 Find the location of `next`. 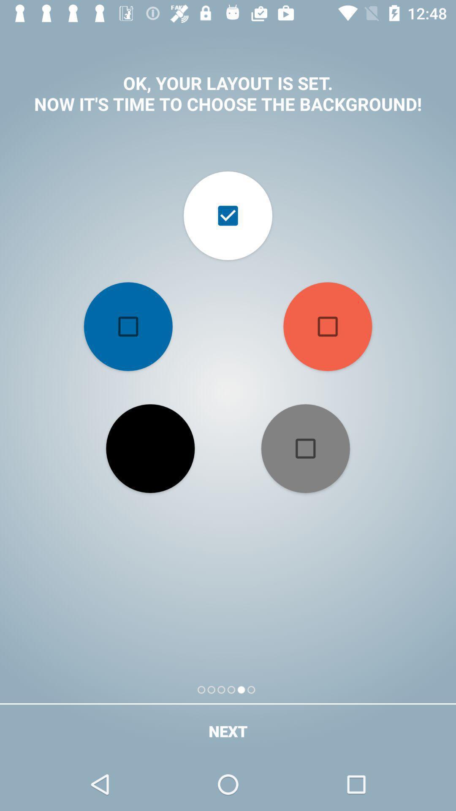

next is located at coordinates (228, 731).